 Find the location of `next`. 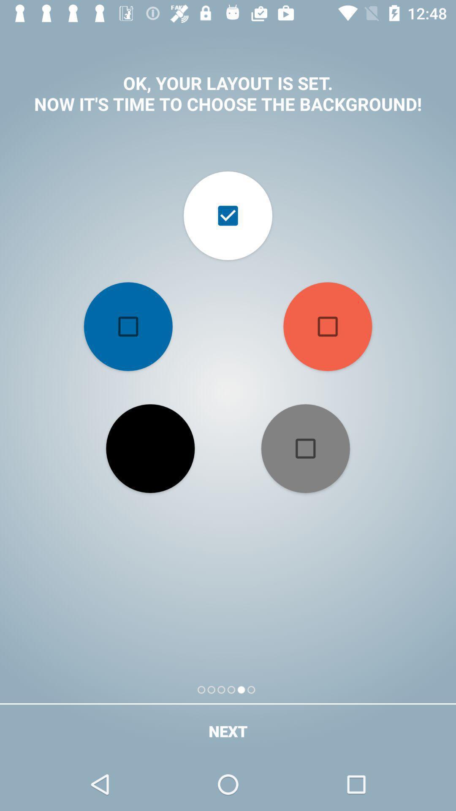

next is located at coordinates (228, 731).